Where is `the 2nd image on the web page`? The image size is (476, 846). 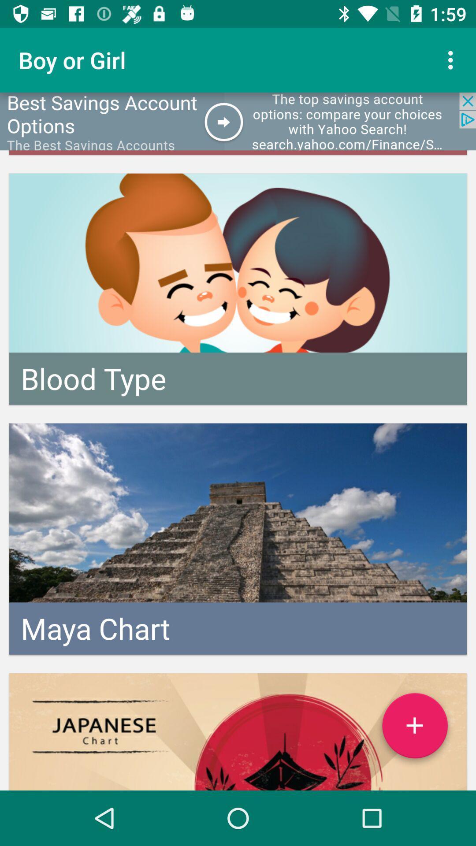 the 2nd image on the web page is located at coordinates (238, 538).